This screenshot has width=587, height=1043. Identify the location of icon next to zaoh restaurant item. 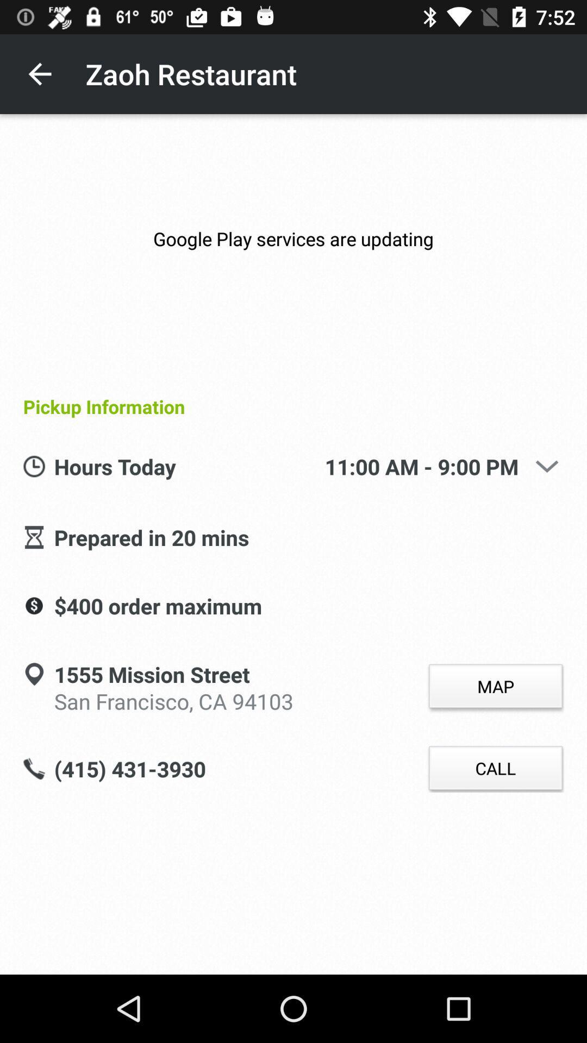
(39, 73).